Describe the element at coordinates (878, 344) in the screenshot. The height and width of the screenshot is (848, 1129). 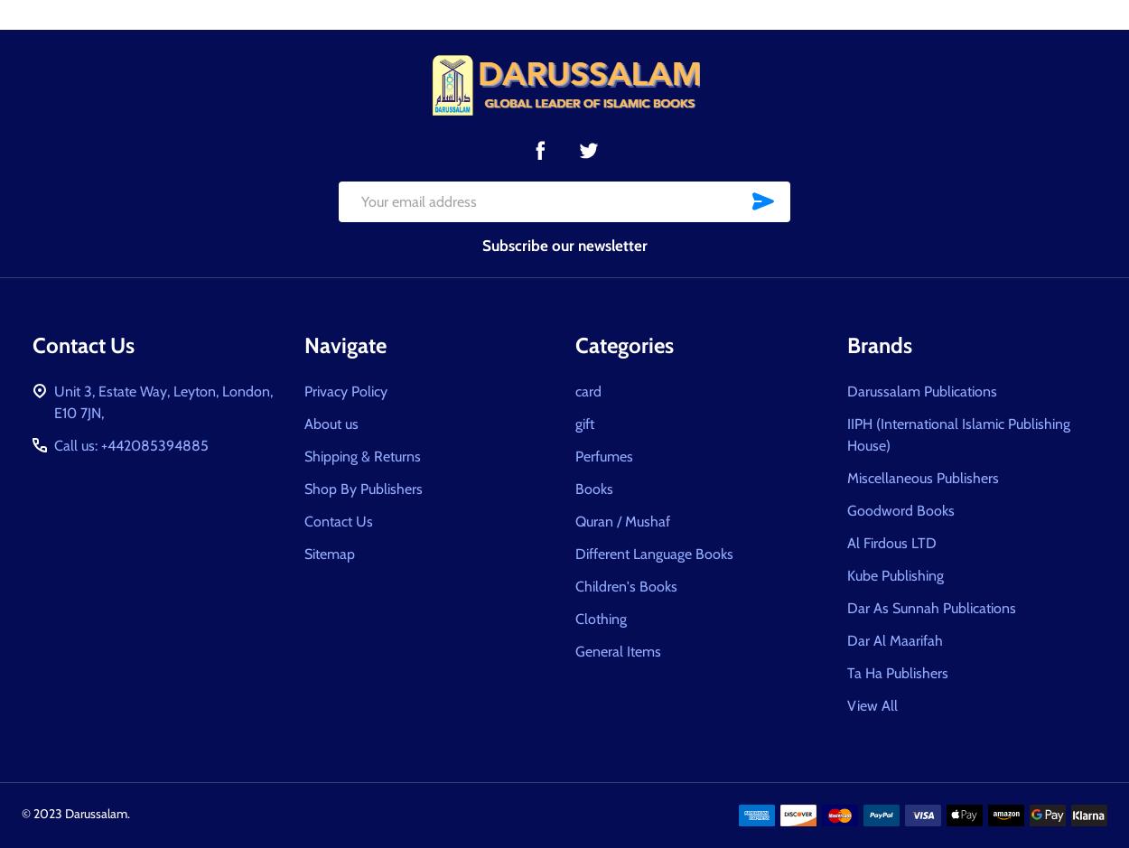
I see `'Brands'` at that location.